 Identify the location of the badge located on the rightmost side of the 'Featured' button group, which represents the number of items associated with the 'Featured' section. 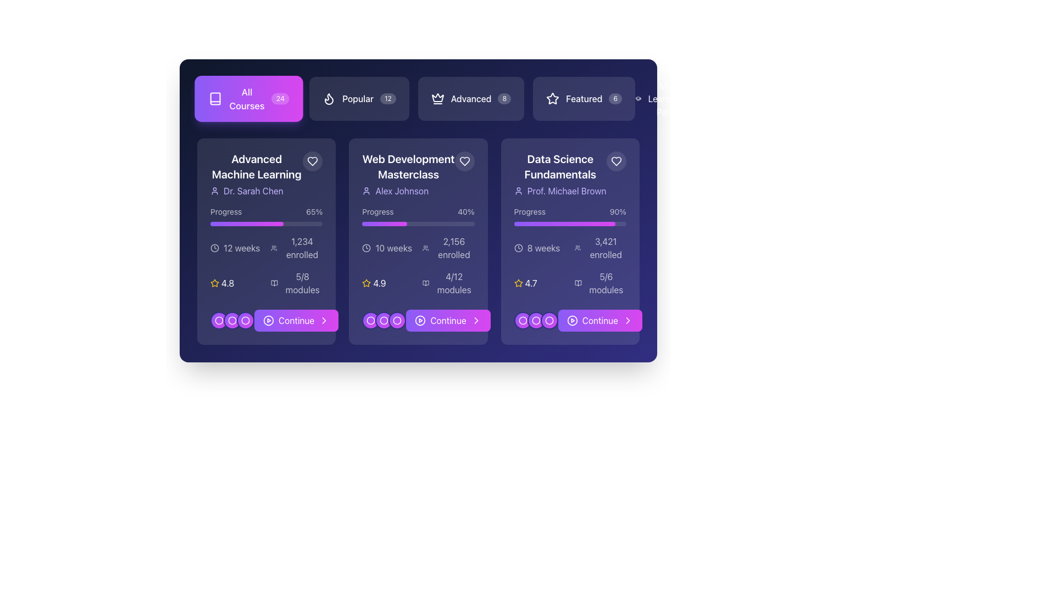
(615, 99).